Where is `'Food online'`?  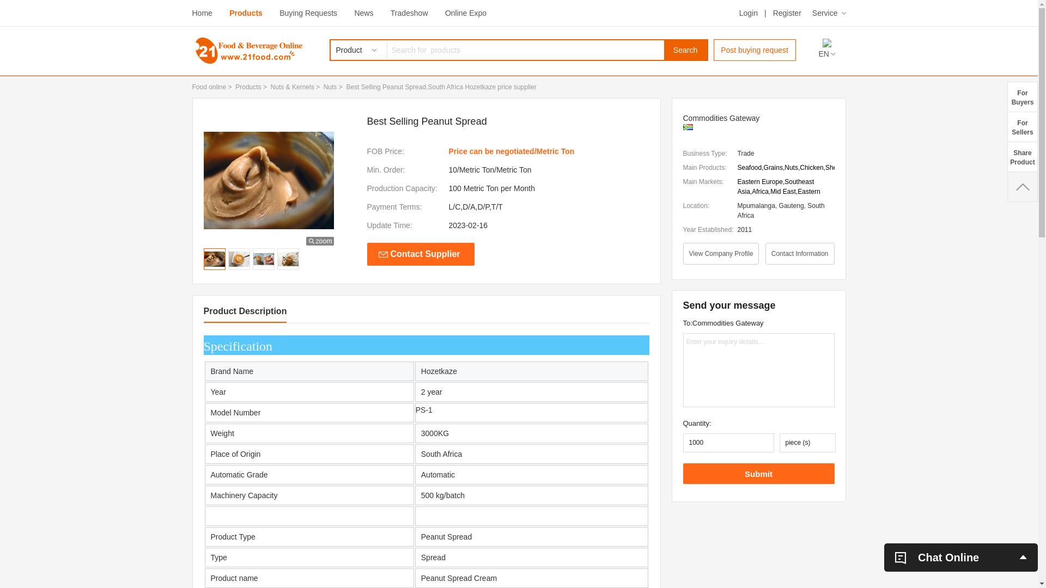 'Food online' is located at coordinates (209, 86).